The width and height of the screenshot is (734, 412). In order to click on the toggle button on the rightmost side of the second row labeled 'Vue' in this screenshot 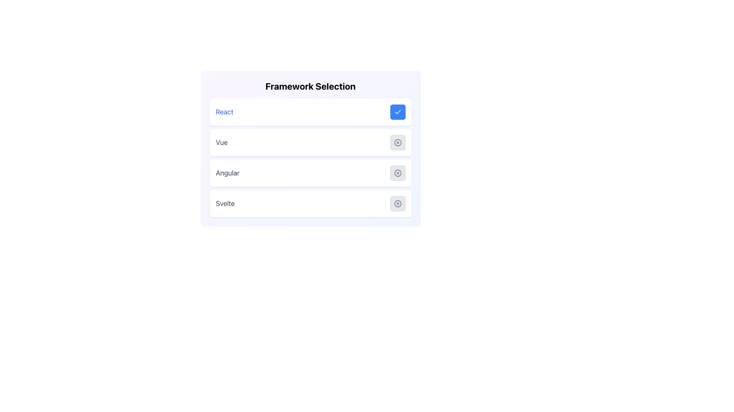, I will do `click(398, 143)`.